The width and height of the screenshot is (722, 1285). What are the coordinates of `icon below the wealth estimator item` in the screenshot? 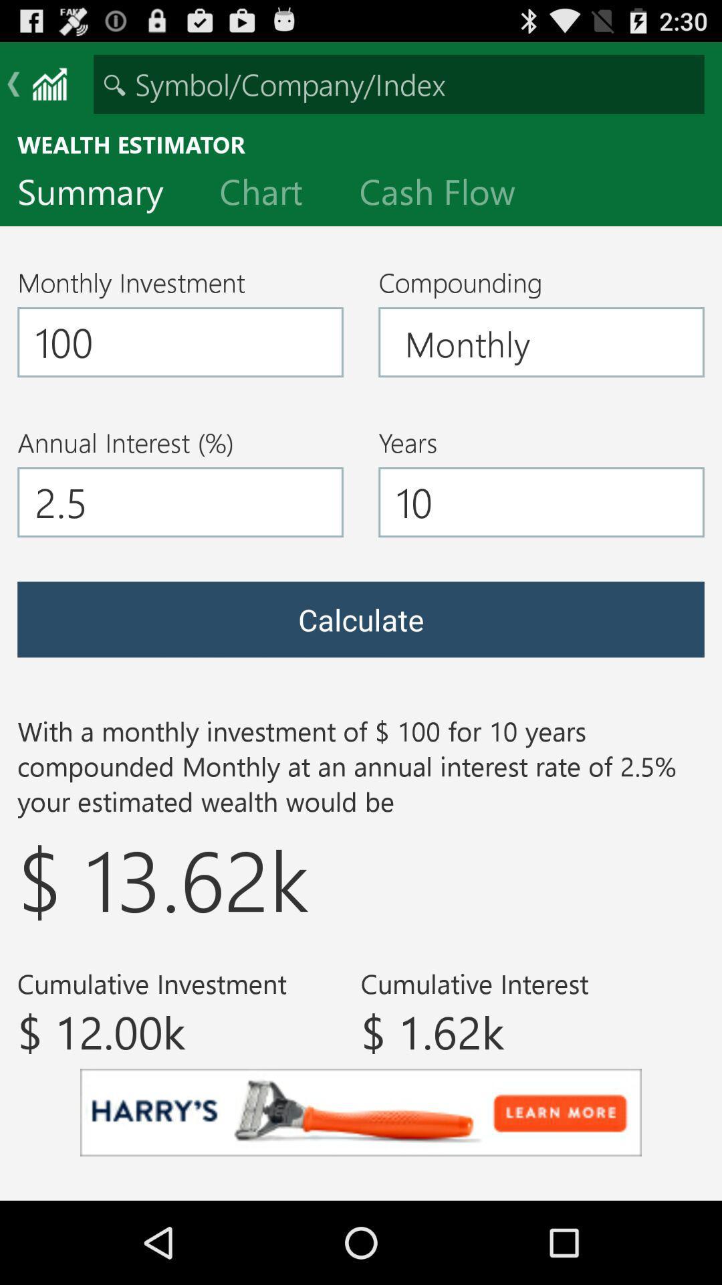 It's located at (100, 194).